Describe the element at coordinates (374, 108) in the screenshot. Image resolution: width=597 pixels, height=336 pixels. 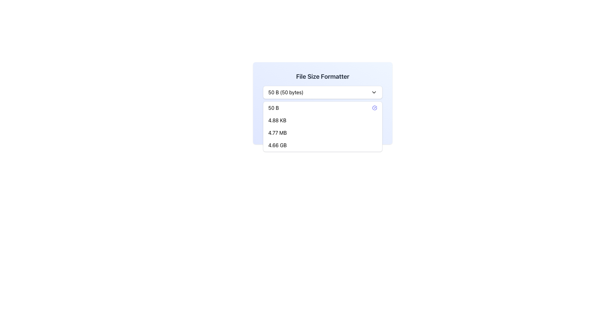
I see `the SVG icon featuring a blue-indigo checkmark circle, located at the far right of the list item displaying '50 B' in the dropdown menu` at that location.